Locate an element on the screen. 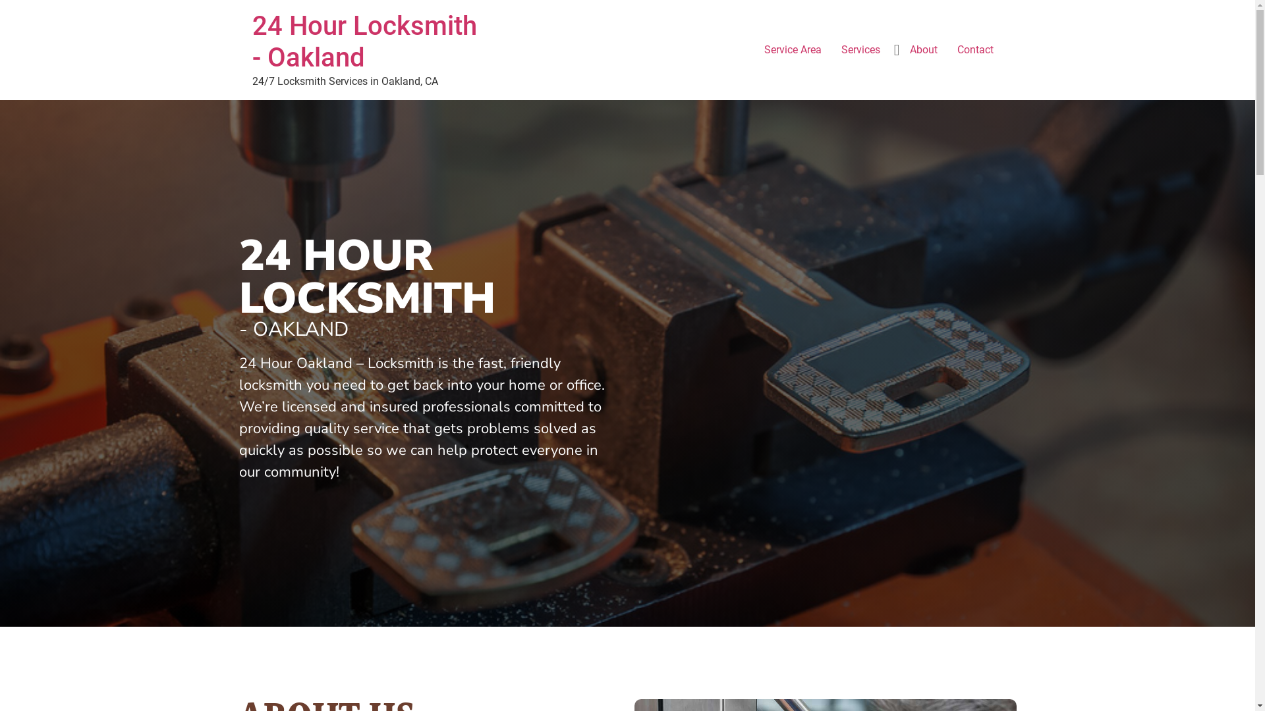 The image size is (1265, 711). 'Services' is located at coordinates (860, 49).